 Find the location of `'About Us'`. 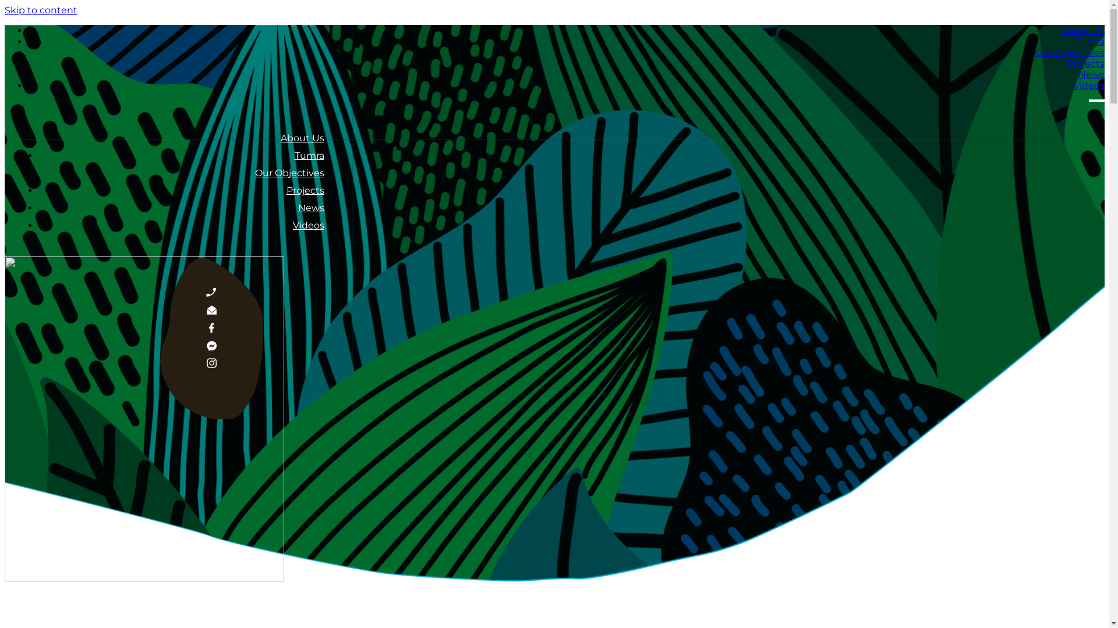

'About Us' is located at coordinates (1082, 30).